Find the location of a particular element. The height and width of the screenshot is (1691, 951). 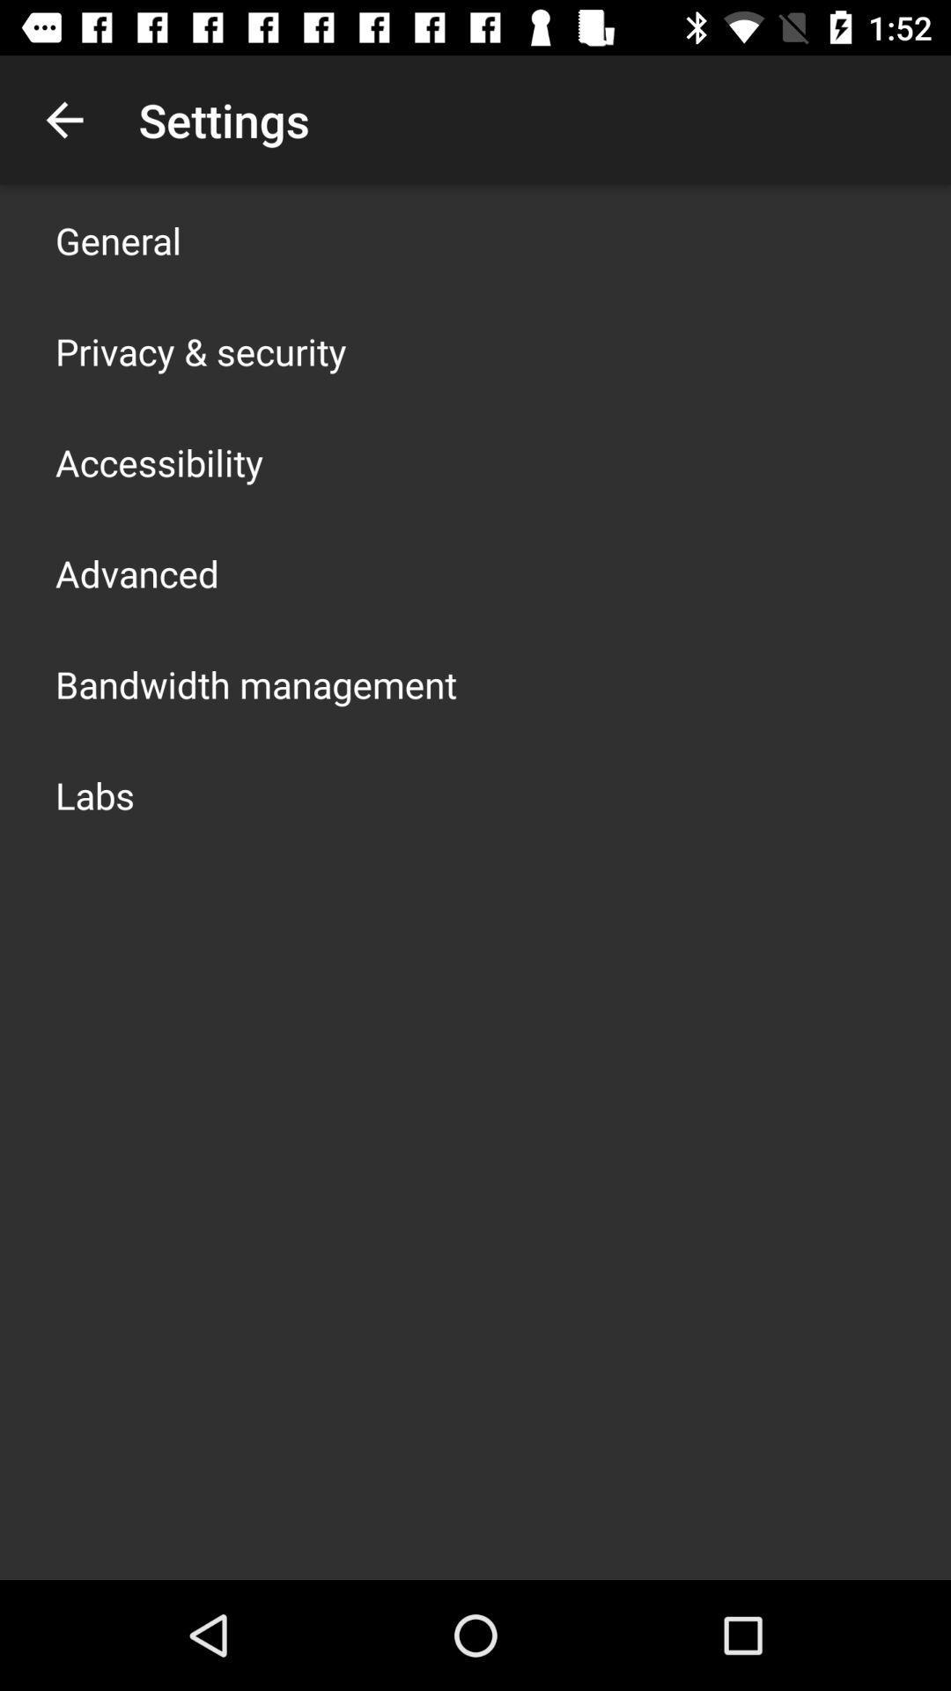

bandwidth management is located at coordinates (255, 683).